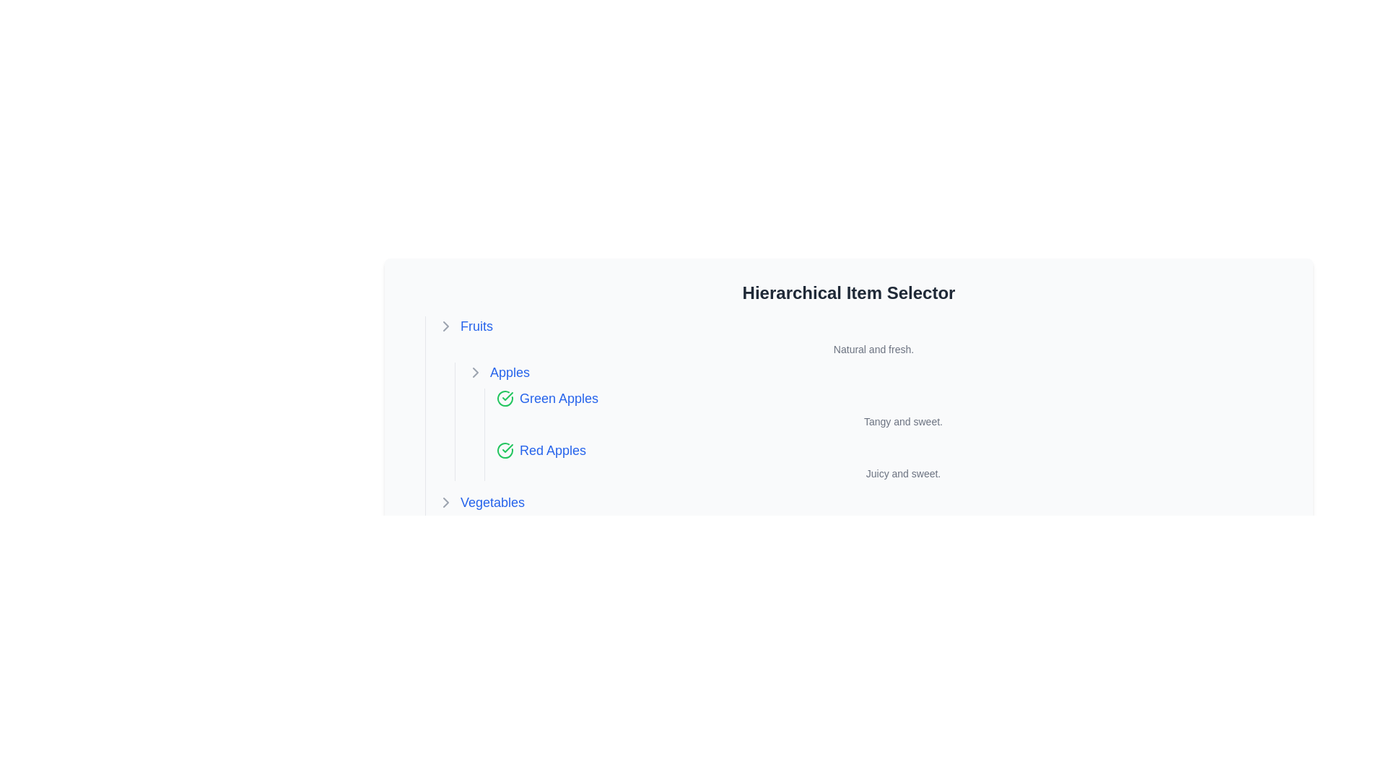  What do you see at coordinates (849, 292) in the screenshot?
I see `the 'Hierarchical Item Selector' text label, which is styled with a large and bold font and located at the top center of the hierarchical selection interface` at bounding box center [849, 292].